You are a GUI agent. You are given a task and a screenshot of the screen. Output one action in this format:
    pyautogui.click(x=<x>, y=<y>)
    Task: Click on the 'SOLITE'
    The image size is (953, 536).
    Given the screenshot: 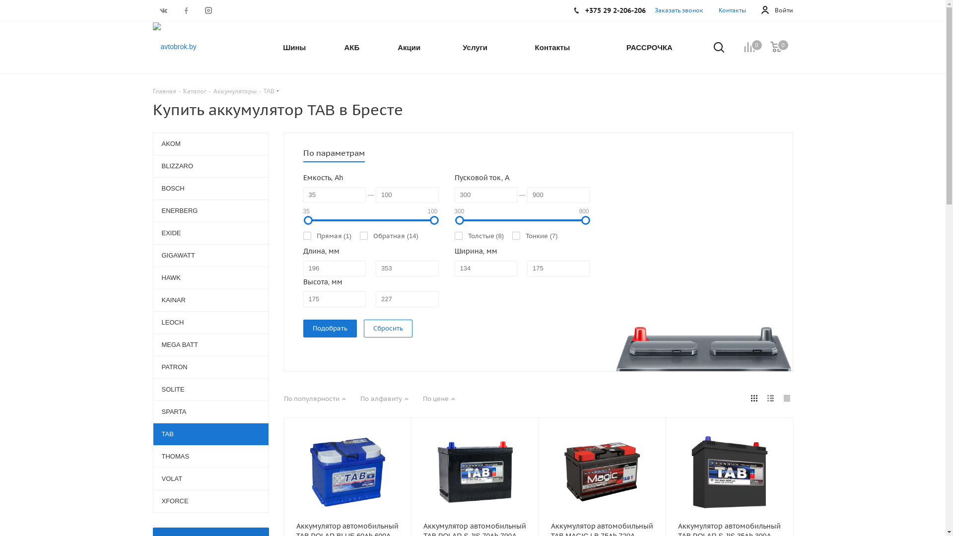 What is the action you would take?
    pyautogui.click(x=152, y=389)
    